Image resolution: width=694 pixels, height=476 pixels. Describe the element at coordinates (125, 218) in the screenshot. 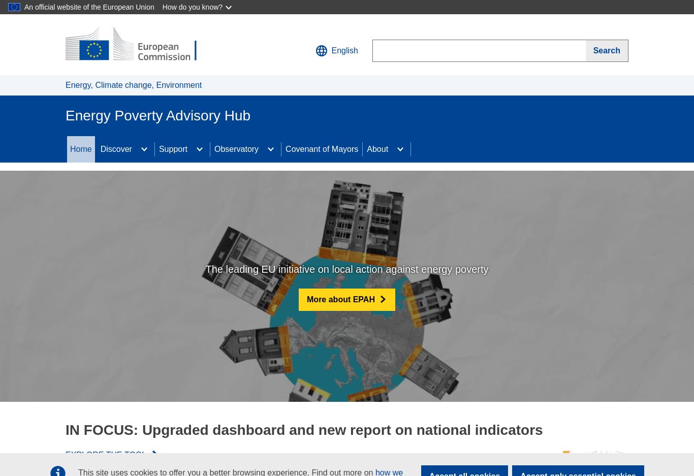

I see `'Organisations'` at that location.